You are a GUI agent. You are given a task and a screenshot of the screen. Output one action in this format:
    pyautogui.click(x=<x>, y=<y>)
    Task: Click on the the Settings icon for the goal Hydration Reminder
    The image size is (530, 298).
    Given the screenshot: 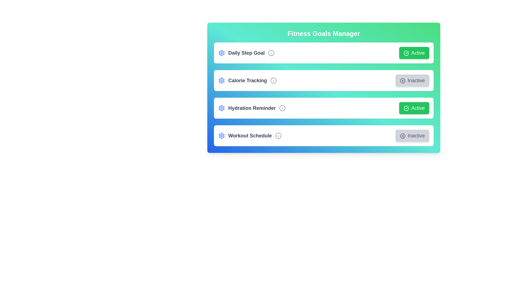 What is the action you would take?
    pyautogui.click(x=221, y=108)
    